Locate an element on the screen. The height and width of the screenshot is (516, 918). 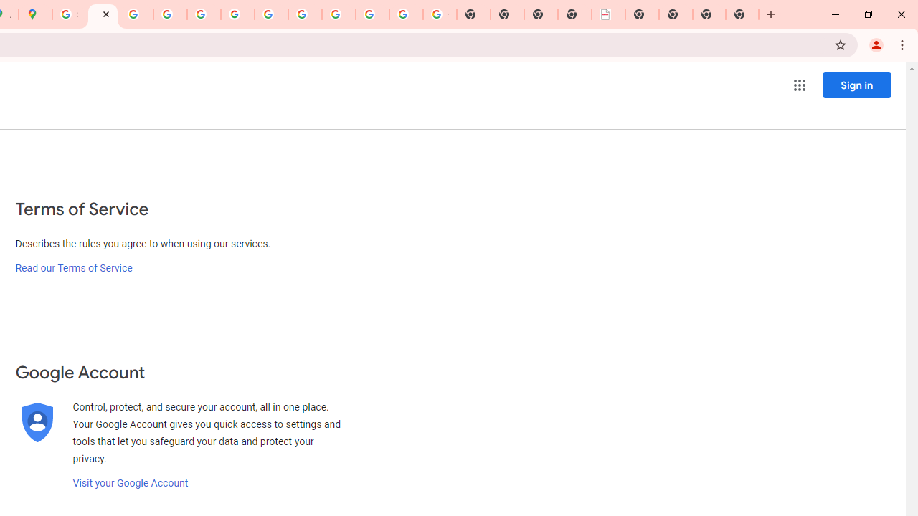
'Visit your Google Account' is located at coordinates (130, 483).